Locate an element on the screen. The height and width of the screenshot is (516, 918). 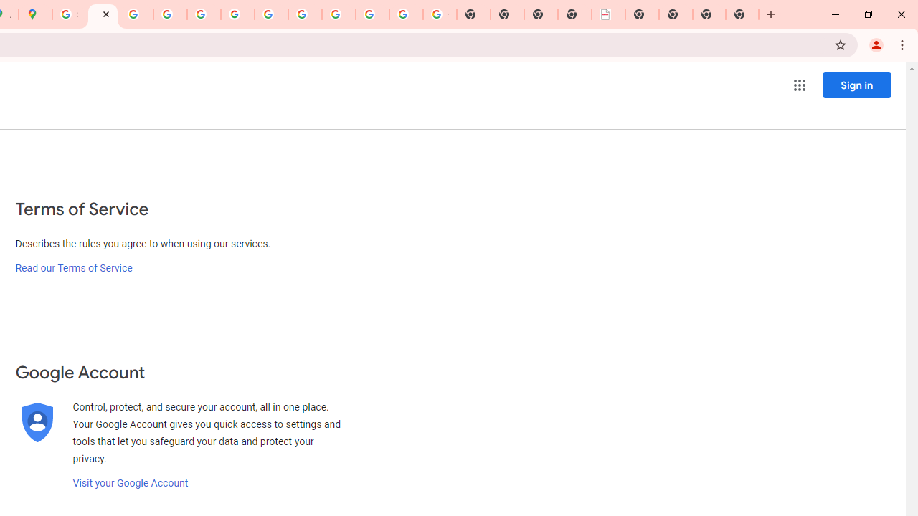
'Visit your Google Account' is located at coordinates (130, 483).